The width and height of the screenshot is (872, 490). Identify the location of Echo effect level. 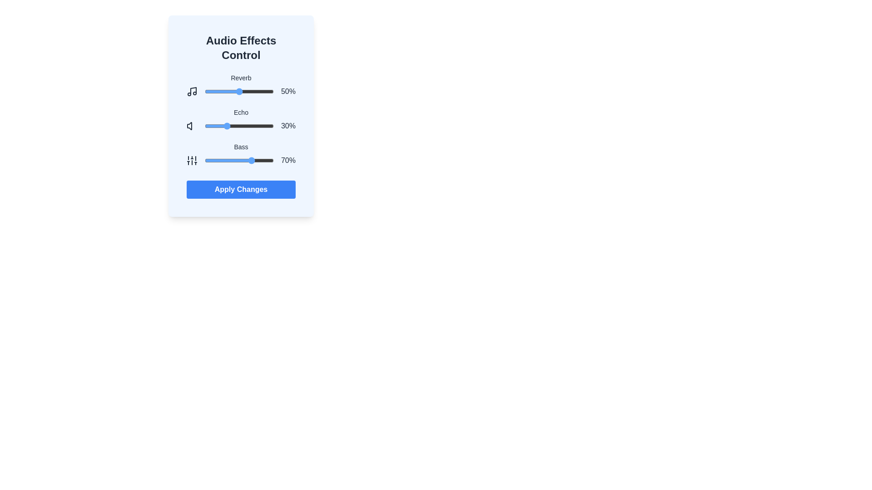
(225, 126).